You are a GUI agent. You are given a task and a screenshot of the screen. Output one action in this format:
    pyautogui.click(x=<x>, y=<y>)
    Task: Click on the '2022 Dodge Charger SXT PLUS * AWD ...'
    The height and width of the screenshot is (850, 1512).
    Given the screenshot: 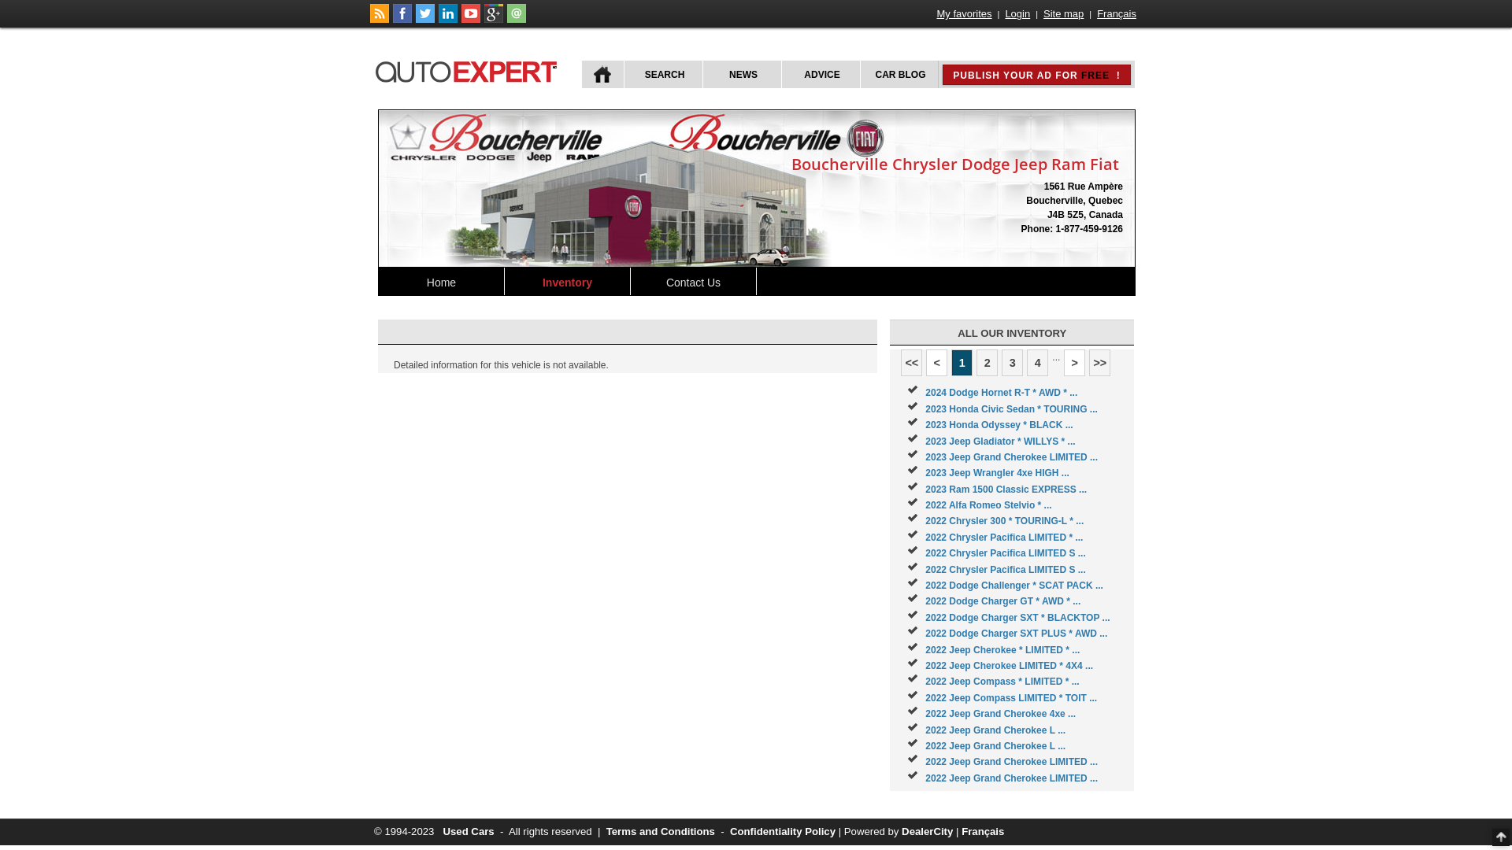 What is the action you would take?
    pyautogui.click(x=1016, y=633)
    